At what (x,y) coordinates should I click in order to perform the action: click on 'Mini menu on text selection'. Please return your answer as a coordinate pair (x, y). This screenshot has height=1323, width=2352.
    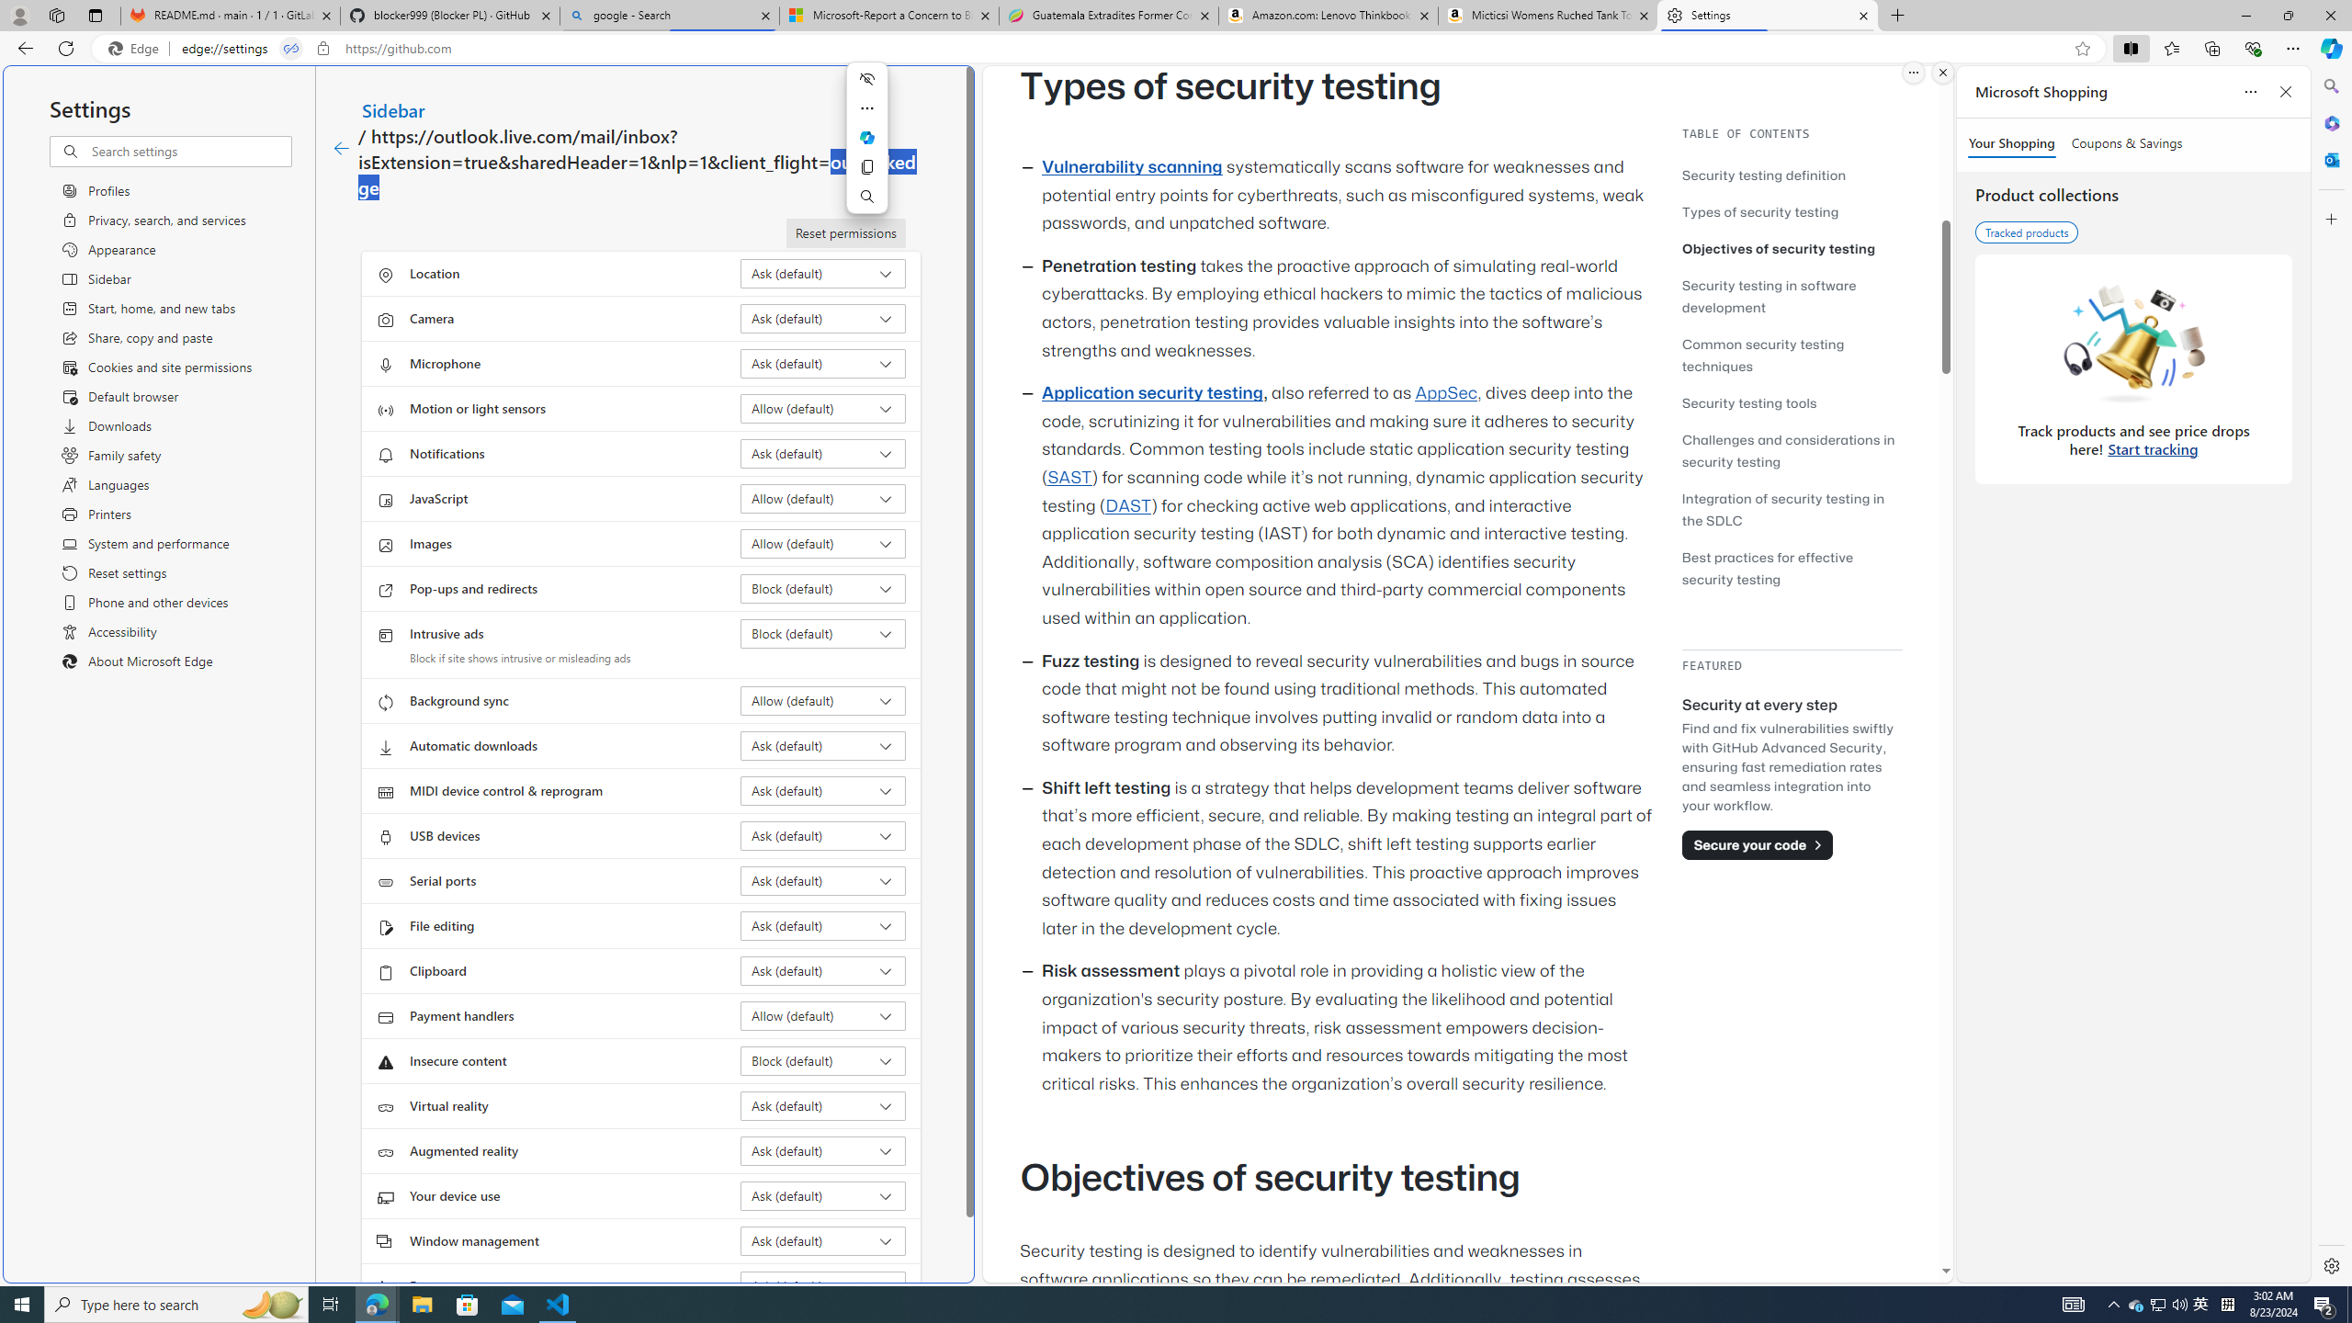
    Looking at the image, I should click on (866, 148).